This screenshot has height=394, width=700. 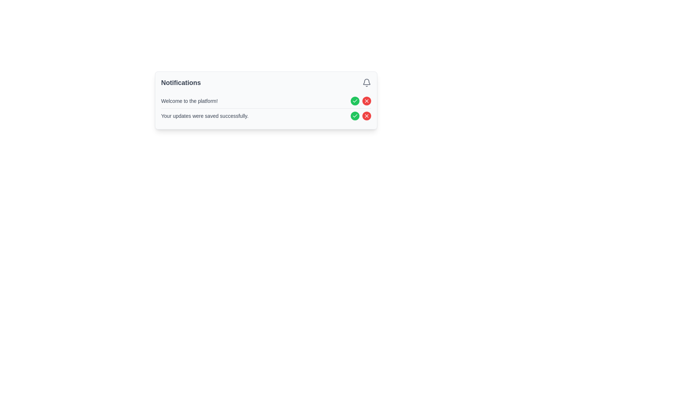 I want to click on the icon button with a checkmark symbol, which is located in the second row of the notification list, immediately to the left of a red cross icon and enclosed in a circular green button, so click(x=355, y=101).